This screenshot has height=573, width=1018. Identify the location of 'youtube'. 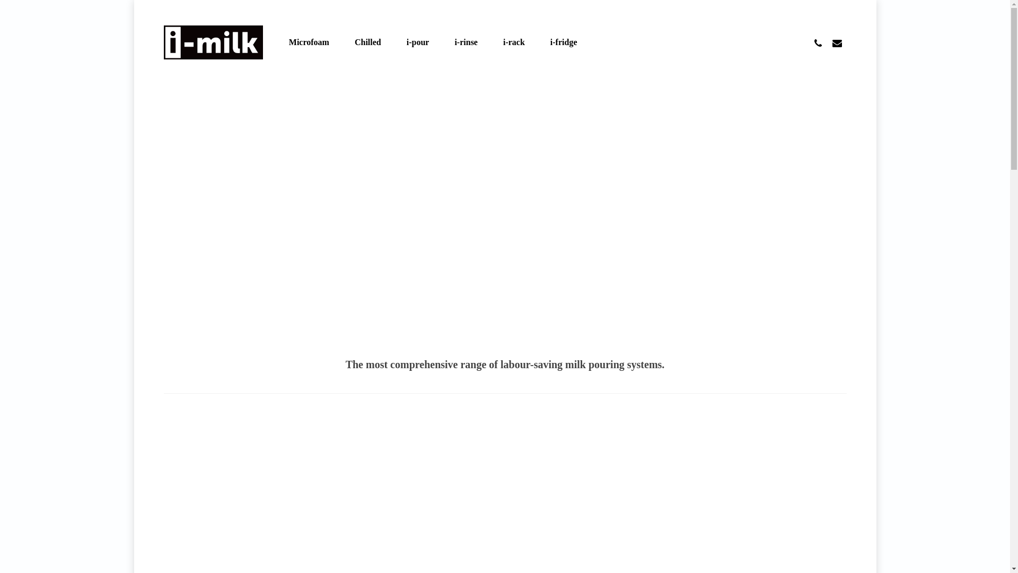
(815, 554).